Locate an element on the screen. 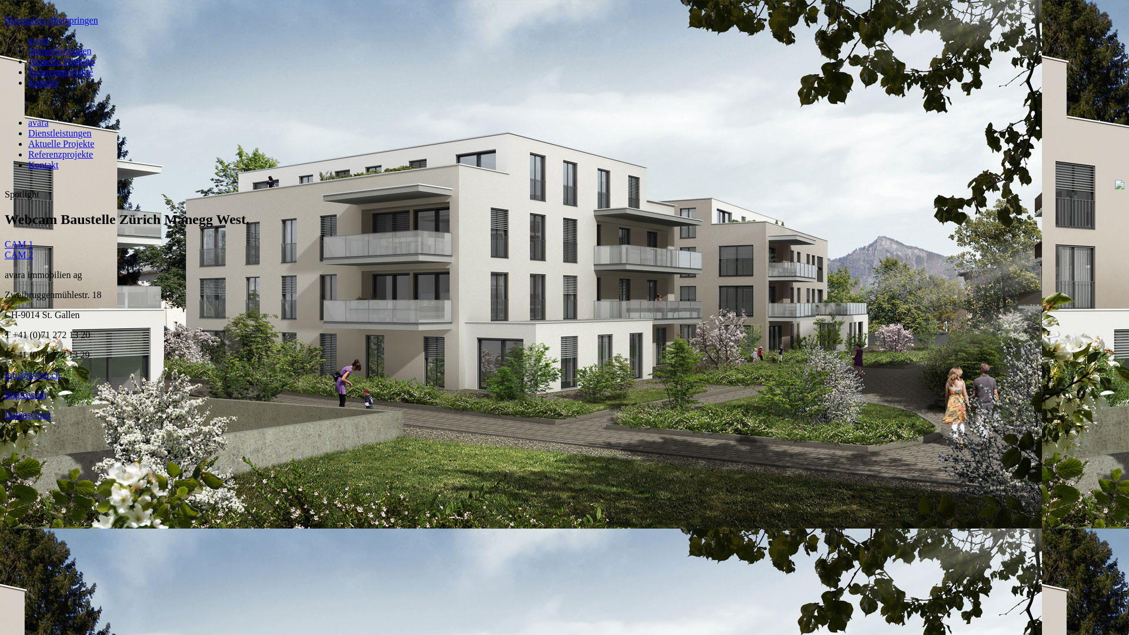 Image resolution: width=1129 pixels, height=635 pixels. 'info@avara.ch' is located at coordinates (32, 375).